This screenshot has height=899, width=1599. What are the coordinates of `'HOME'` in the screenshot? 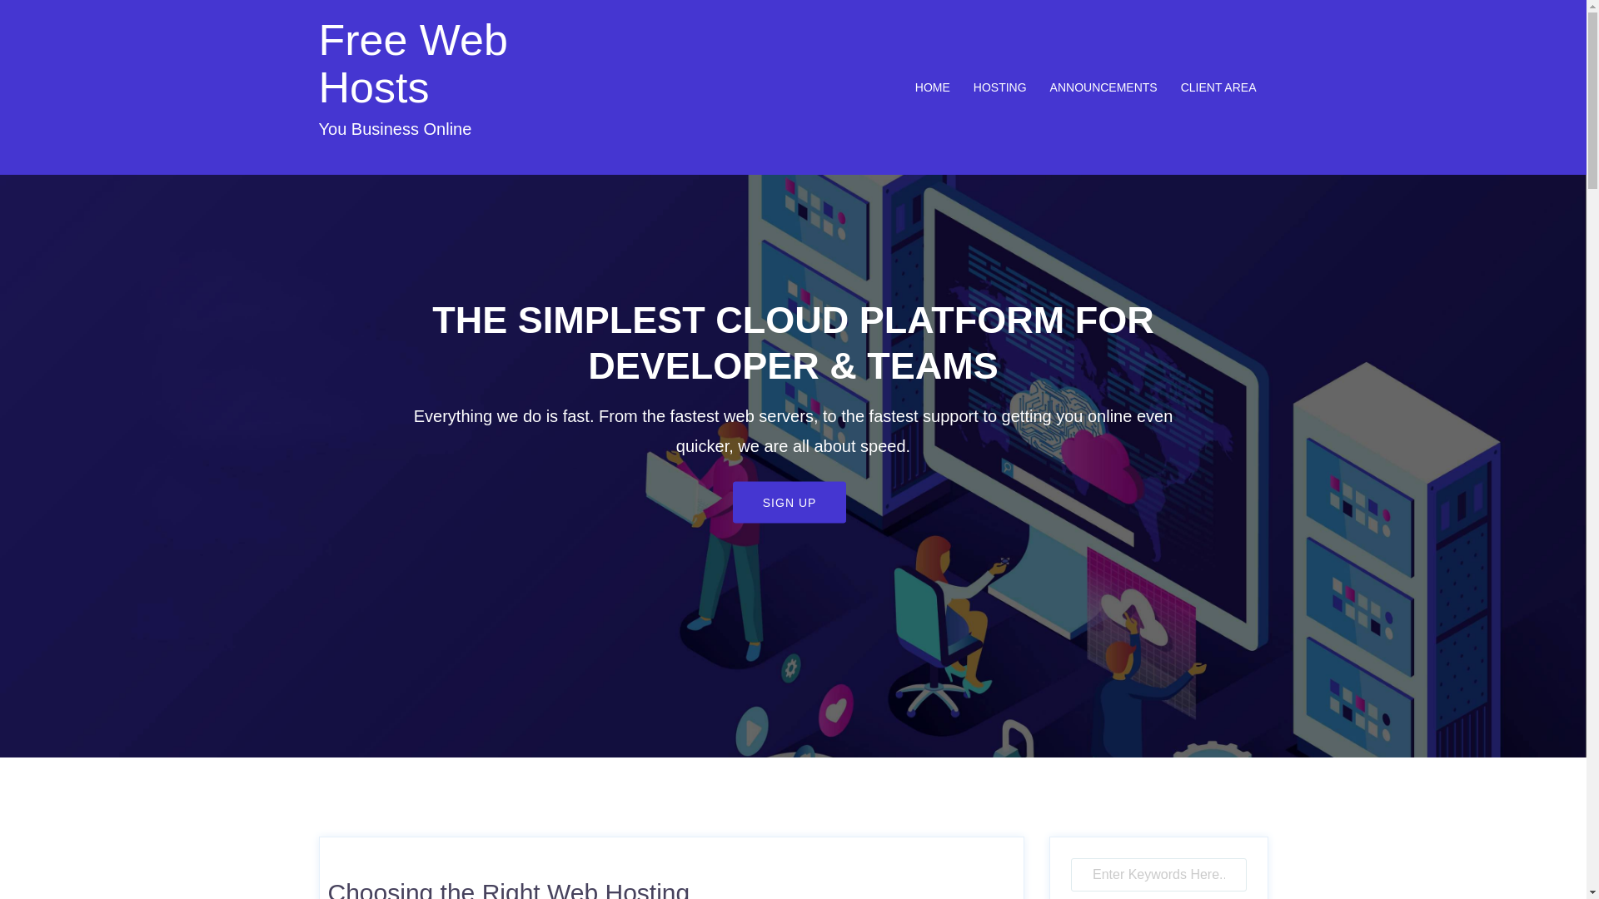 It's located at (914, 87).